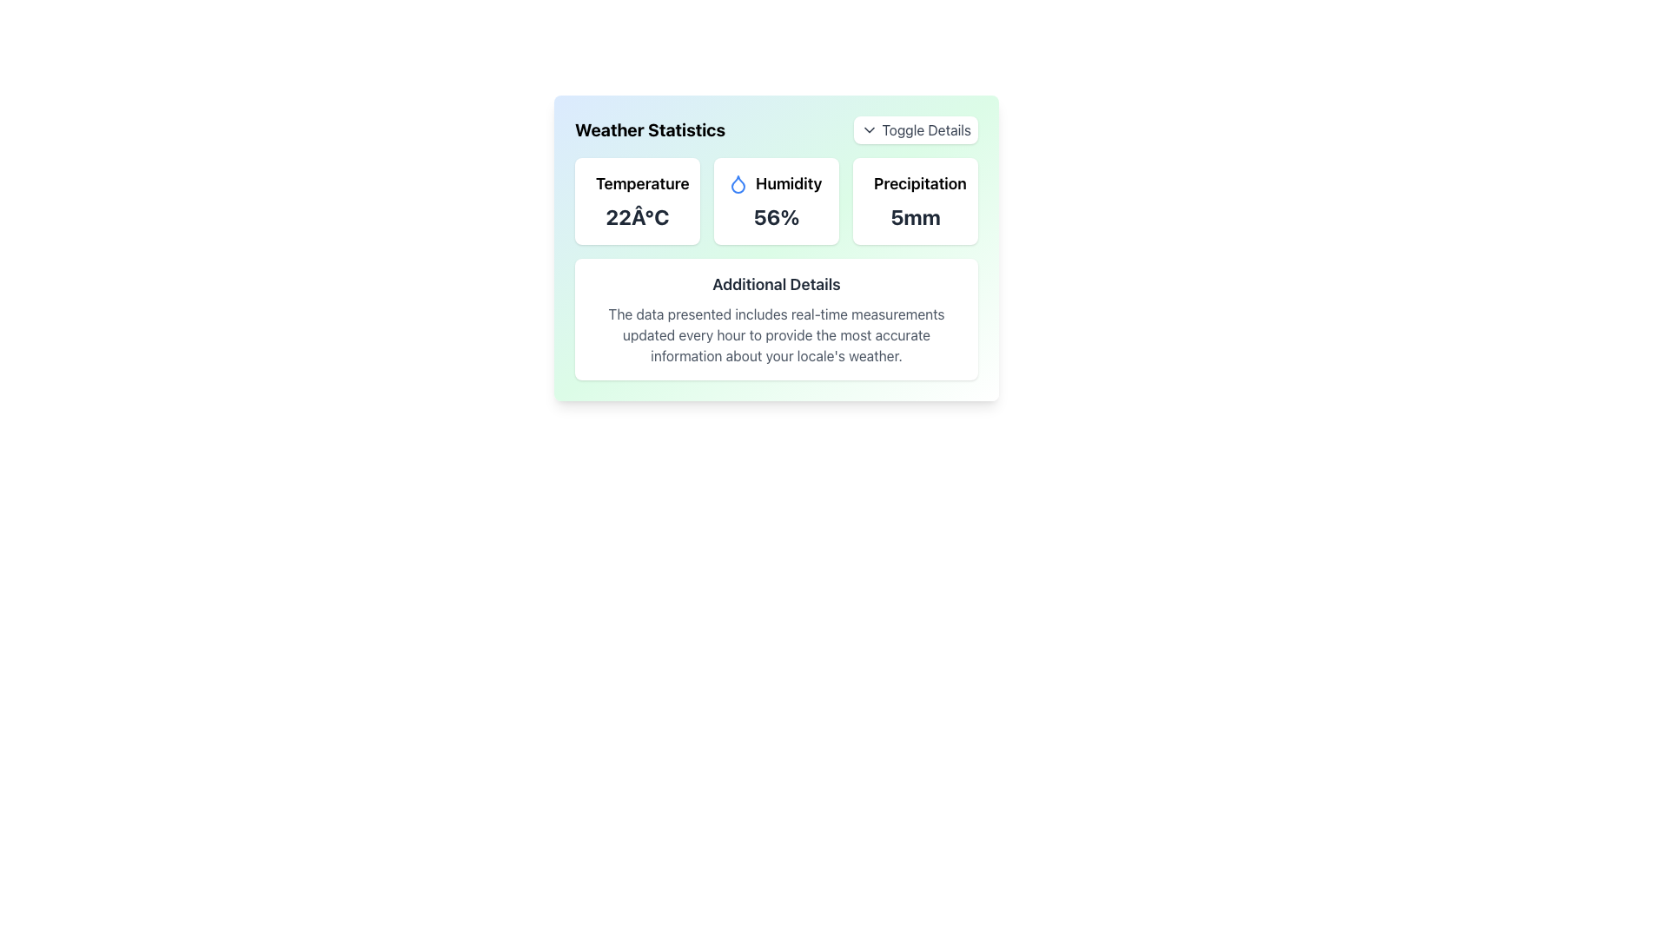 The image size is (1668, 938). Describe the element at coordinates (775, 200) in the screenshot. I see `current humidity level displayed on the Information Card, which is the middle card in the Weather Statistics section of the dashboard` at that location.